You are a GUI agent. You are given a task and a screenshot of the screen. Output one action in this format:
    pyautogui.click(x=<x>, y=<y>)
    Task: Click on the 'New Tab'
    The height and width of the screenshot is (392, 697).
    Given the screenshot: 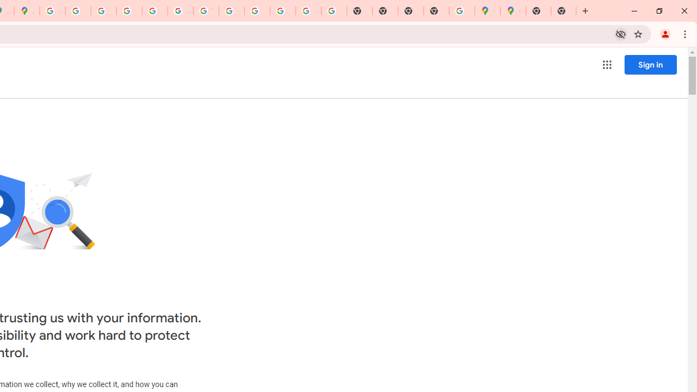 What is the action you would take?
    pyautogui.click(x=564, y=11)
    